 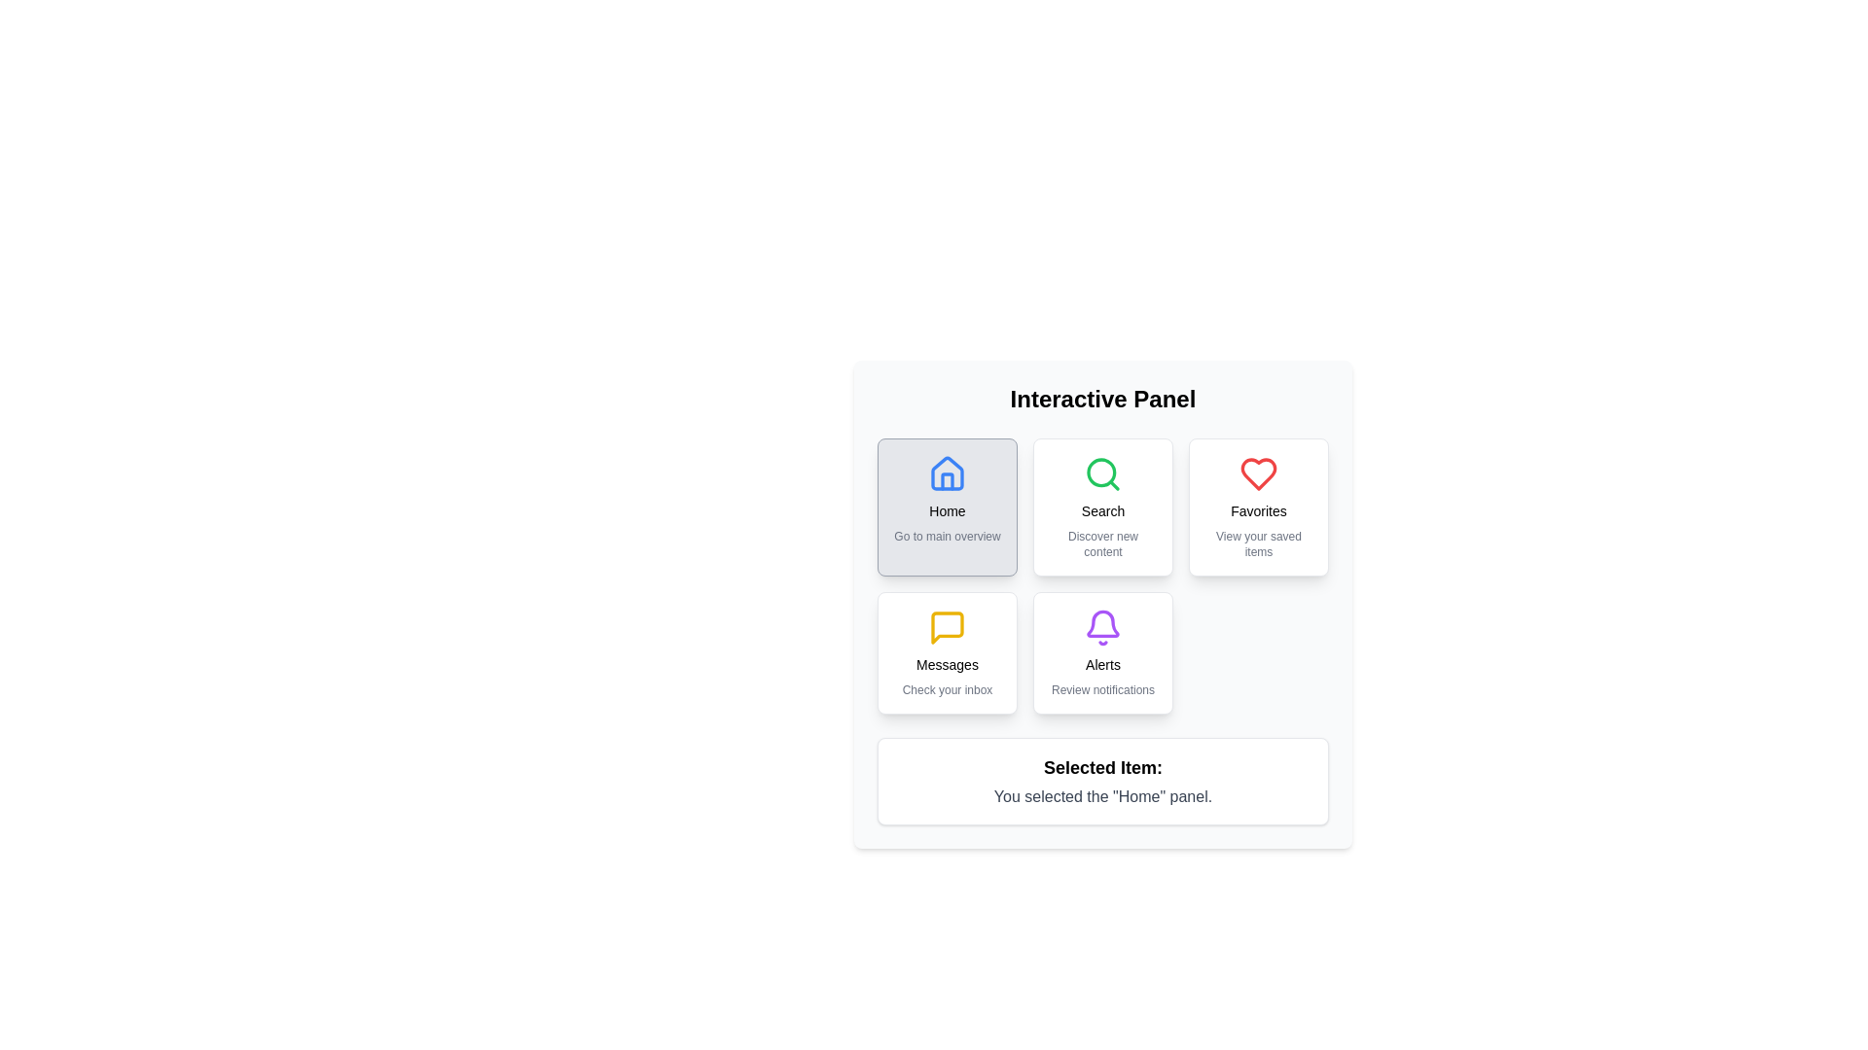 What do you see at coordinates (1102, 543) in the screenshot?
I see `the static descriptive text labeled 'Discover new content' which is styled in gray and located within the 'Search' card module` at bounding box center [1102, 543].